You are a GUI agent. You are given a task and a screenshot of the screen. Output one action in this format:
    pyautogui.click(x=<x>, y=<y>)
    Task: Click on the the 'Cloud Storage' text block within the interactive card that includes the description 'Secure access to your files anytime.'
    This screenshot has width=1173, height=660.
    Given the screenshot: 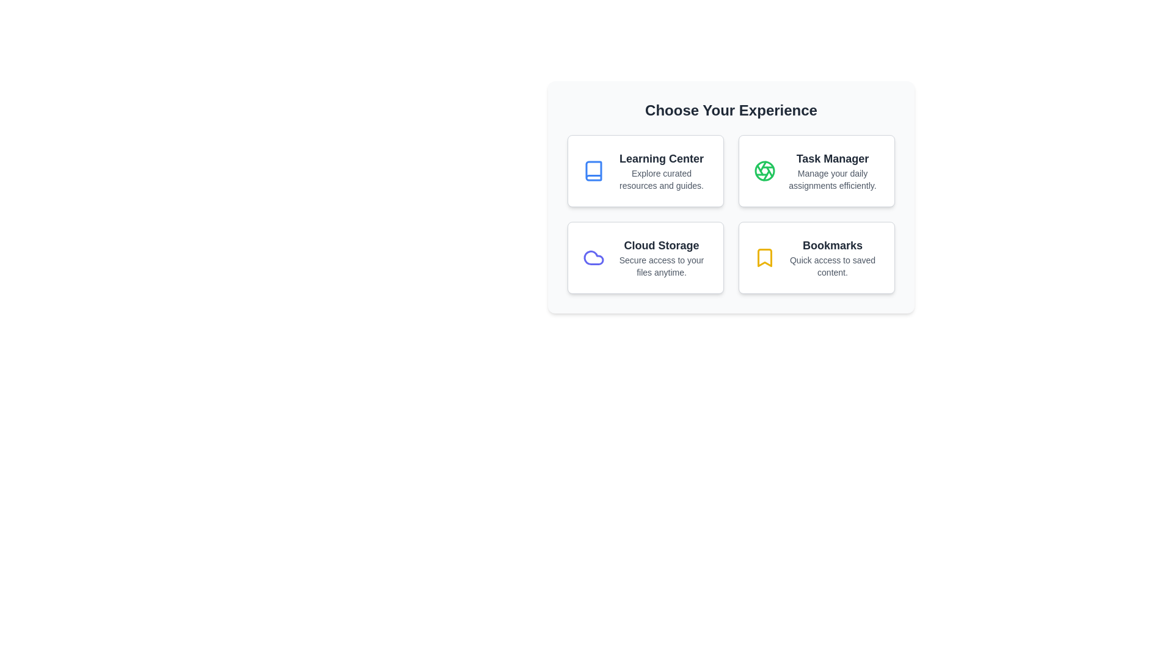 What is the action you would take?
    pyautogui.click(x=661, y=257)
    